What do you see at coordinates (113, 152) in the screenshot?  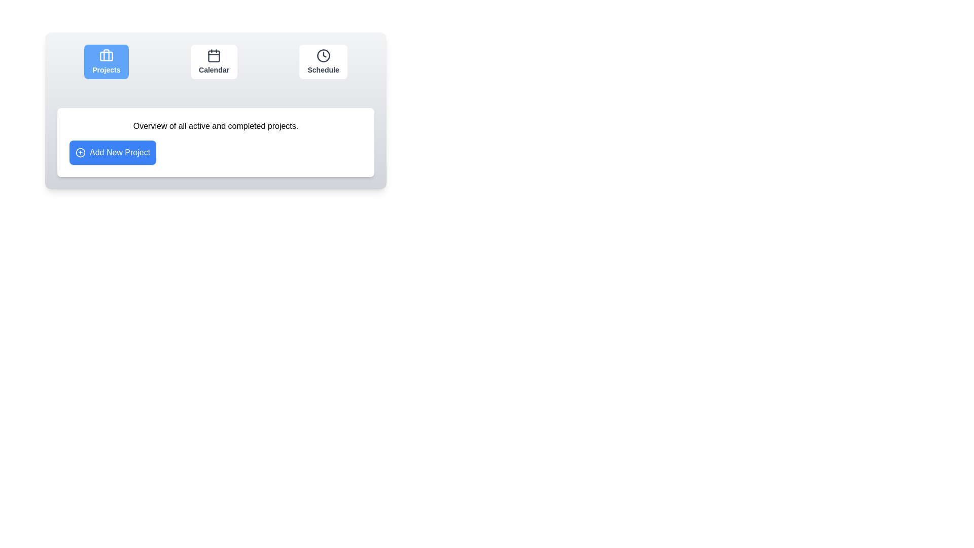 I see `'Add New Project' button to initiate a new project creation` at bounding box center [113, 152].